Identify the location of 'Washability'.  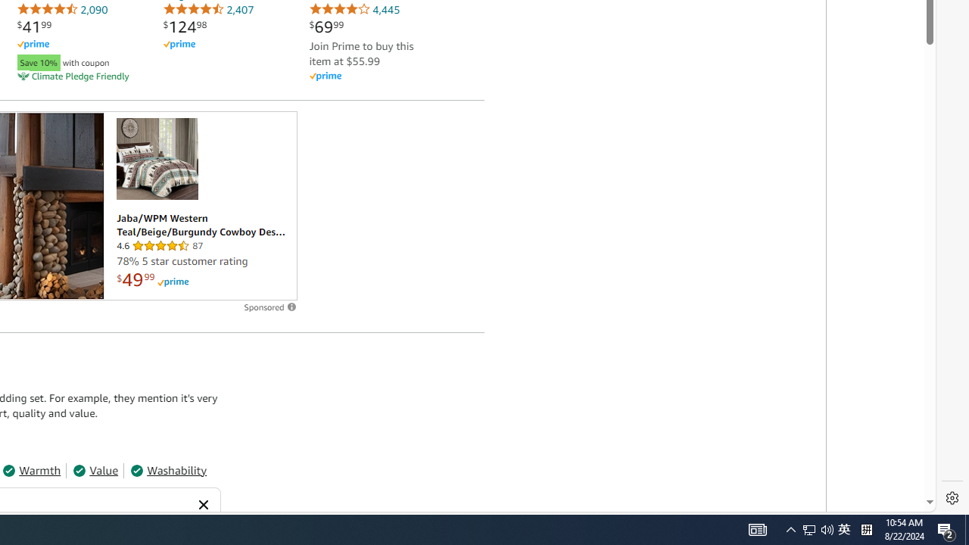
(168, 469).